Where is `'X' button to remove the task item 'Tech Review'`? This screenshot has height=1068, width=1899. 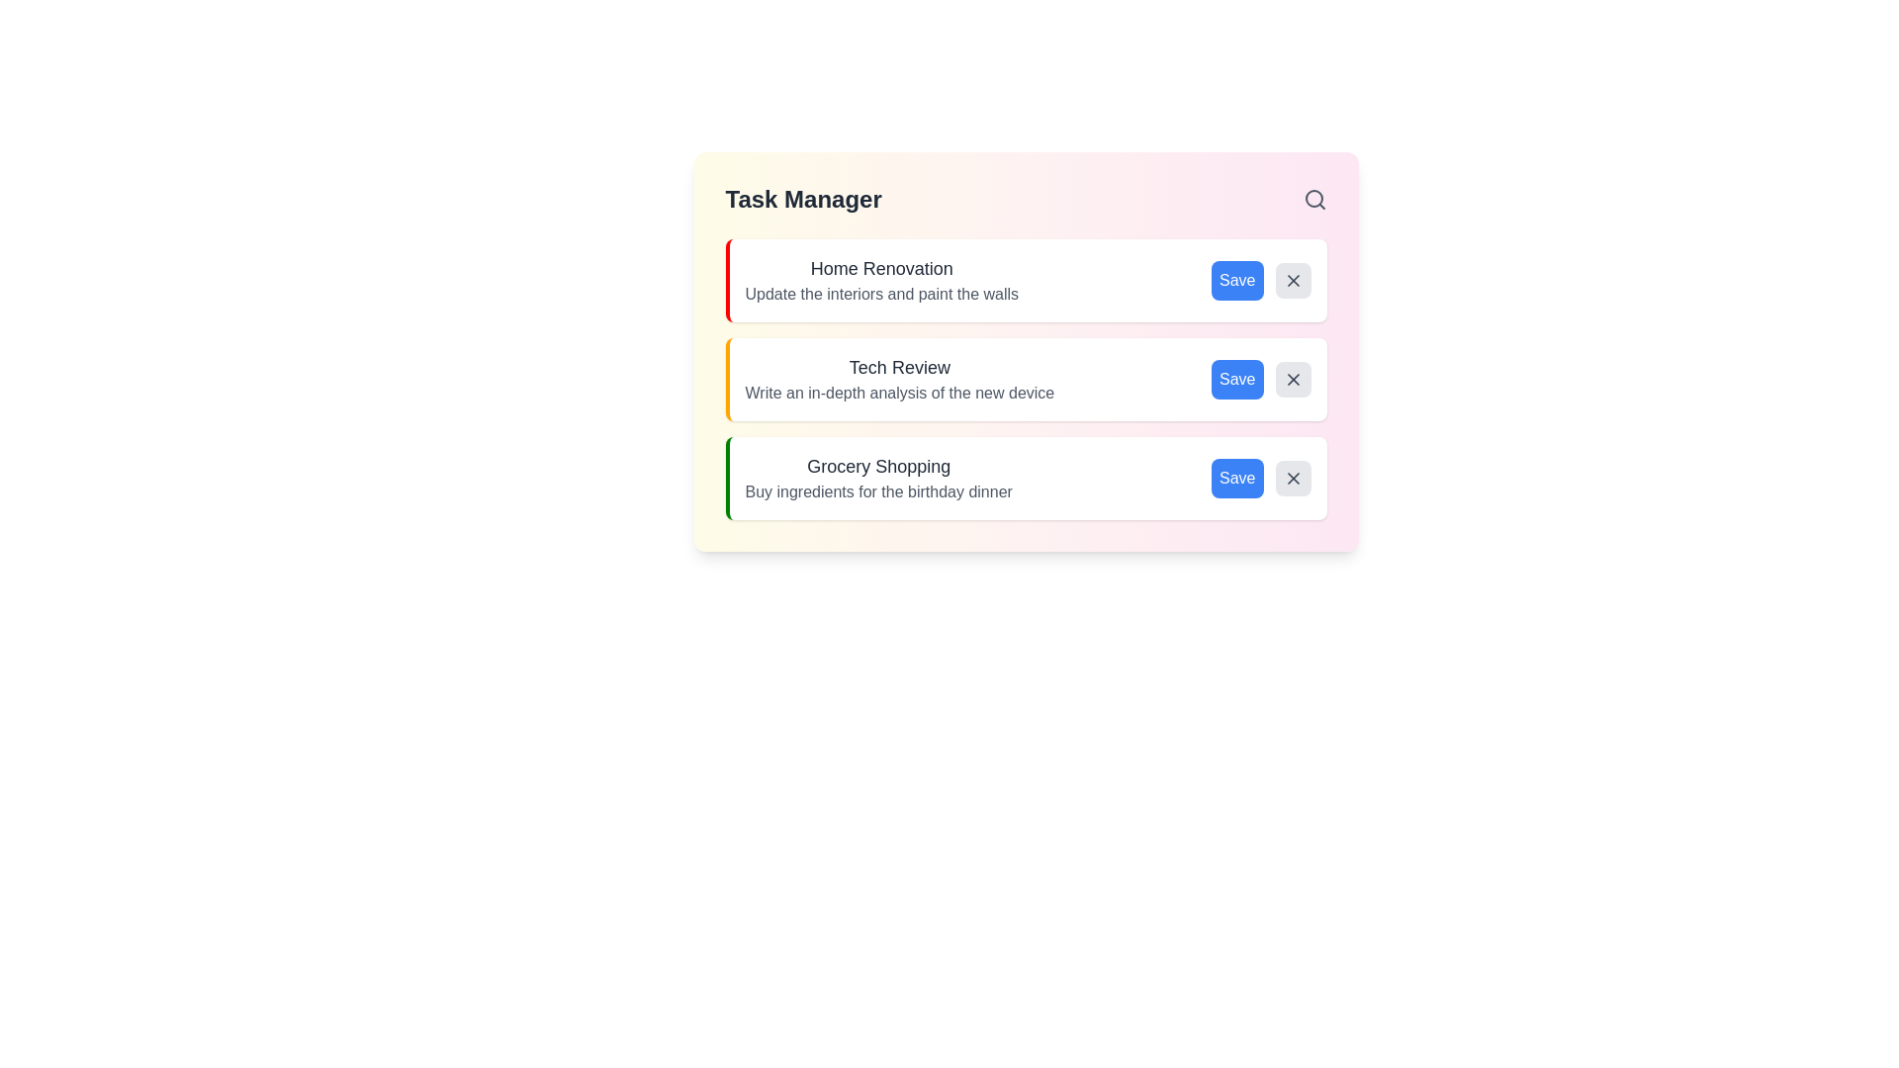 'X' button to remove the task item 'Tech Review' is located at coordinates (1293, 380).